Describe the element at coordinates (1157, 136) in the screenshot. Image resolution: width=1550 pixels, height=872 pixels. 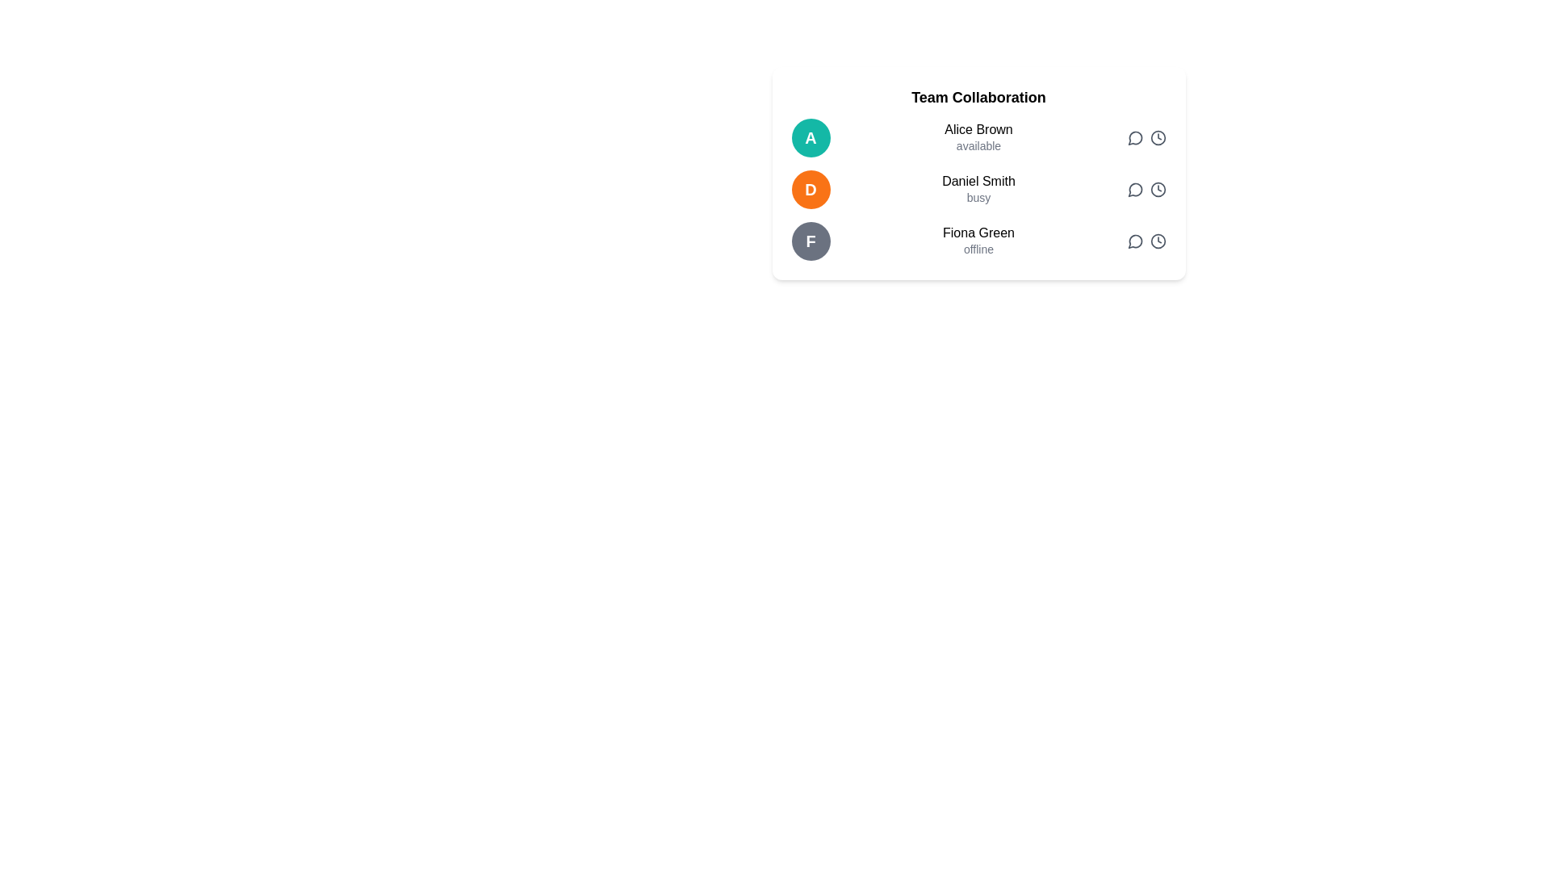
I see `the clock-shaped icon button, which is the second interactive icon in the user status list` at that location.